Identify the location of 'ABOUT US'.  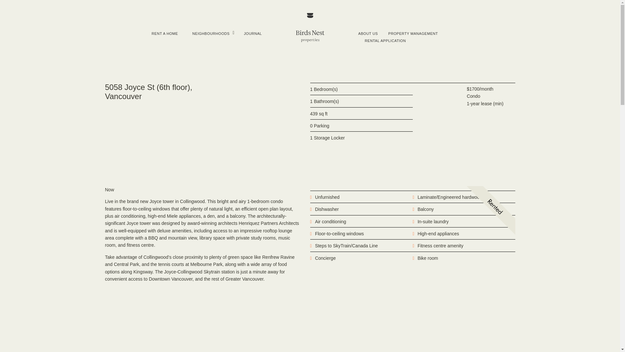
(368, 34).